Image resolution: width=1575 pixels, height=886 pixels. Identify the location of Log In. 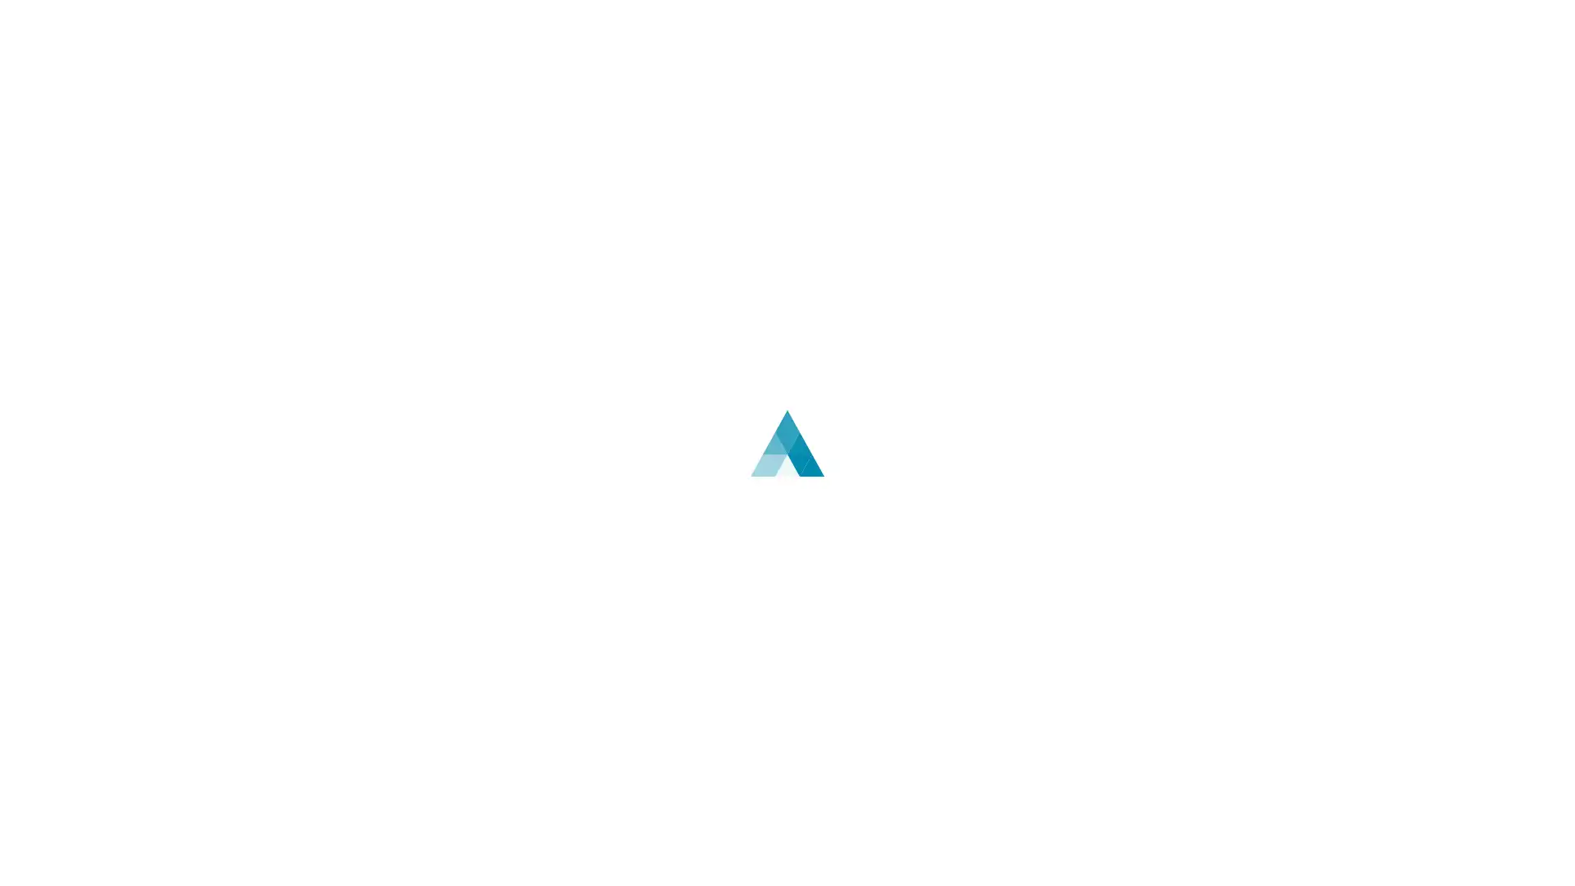
(626, 541).